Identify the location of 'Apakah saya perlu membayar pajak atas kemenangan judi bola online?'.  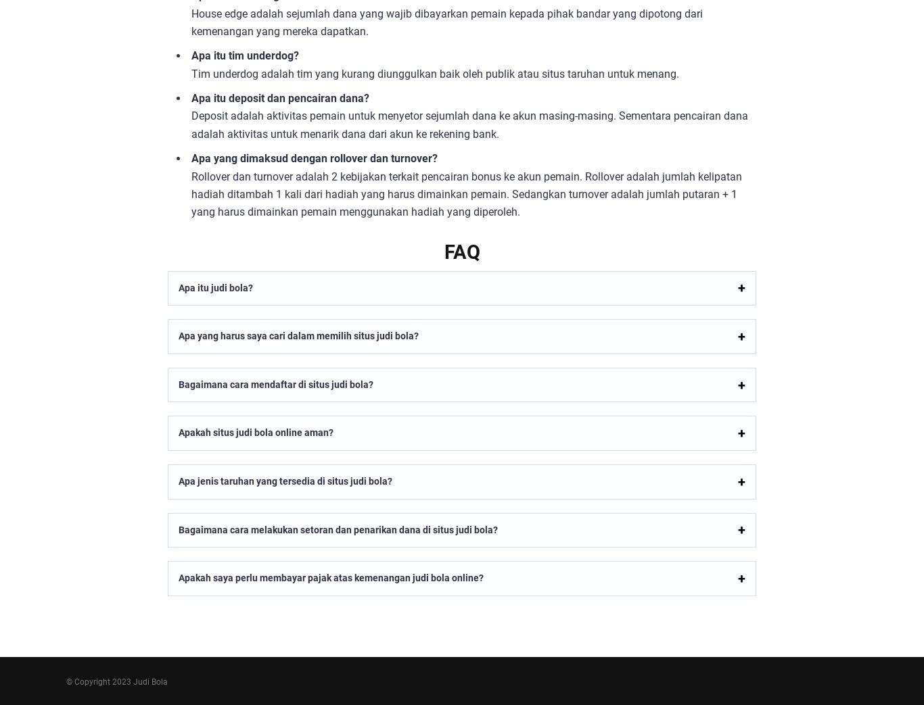
(331, 578).